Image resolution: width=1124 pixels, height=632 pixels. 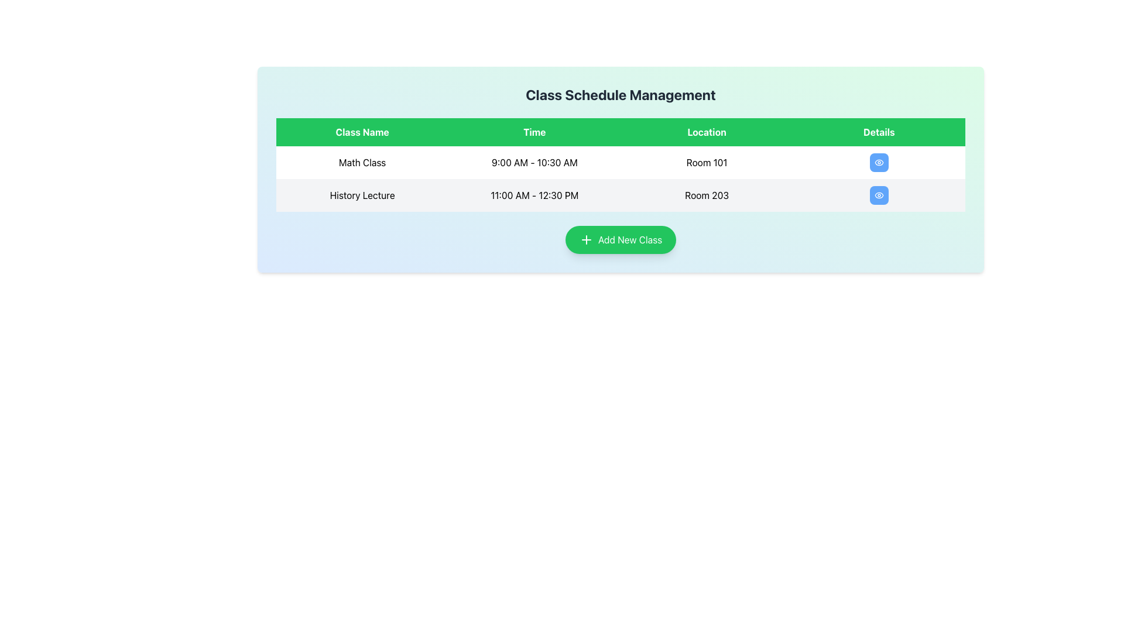 I want to click on the button in the 'Details' column of the 'History Lecture' entry located in the fourth column of the second row, so click(x=879, y=195).